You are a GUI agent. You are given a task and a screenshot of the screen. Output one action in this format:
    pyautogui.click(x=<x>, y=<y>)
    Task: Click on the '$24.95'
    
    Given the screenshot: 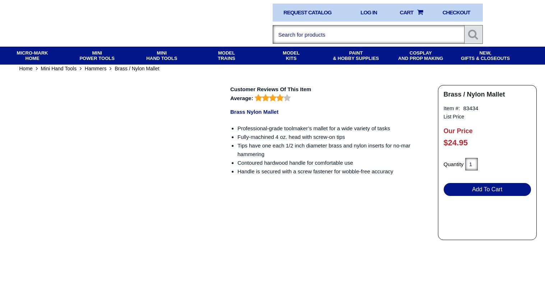 What is the action you would take?
    pyautogui.click(x=455, y=147)
    